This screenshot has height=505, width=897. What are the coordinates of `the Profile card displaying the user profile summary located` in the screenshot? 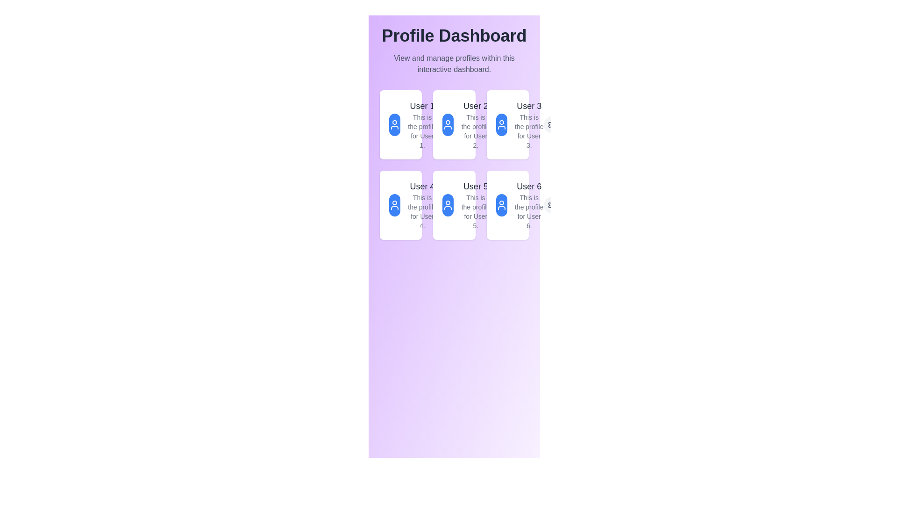 It's located at (454, 124).